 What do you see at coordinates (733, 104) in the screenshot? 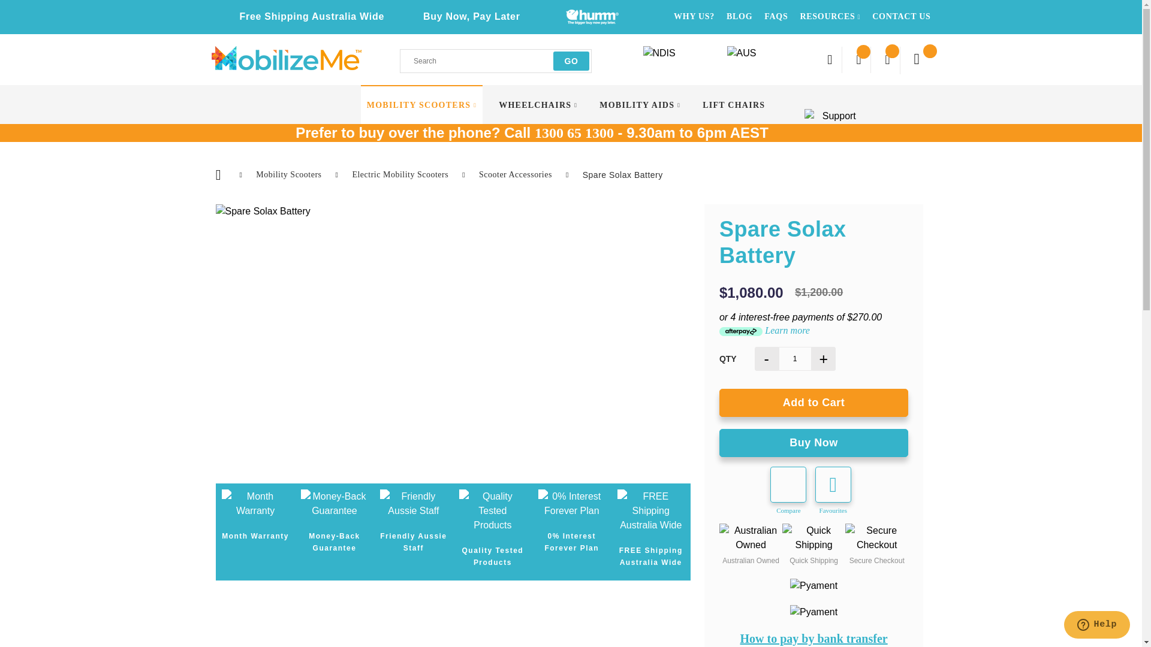
I see `'LIFT CHAIRS'` at bounding box center [733, 104].